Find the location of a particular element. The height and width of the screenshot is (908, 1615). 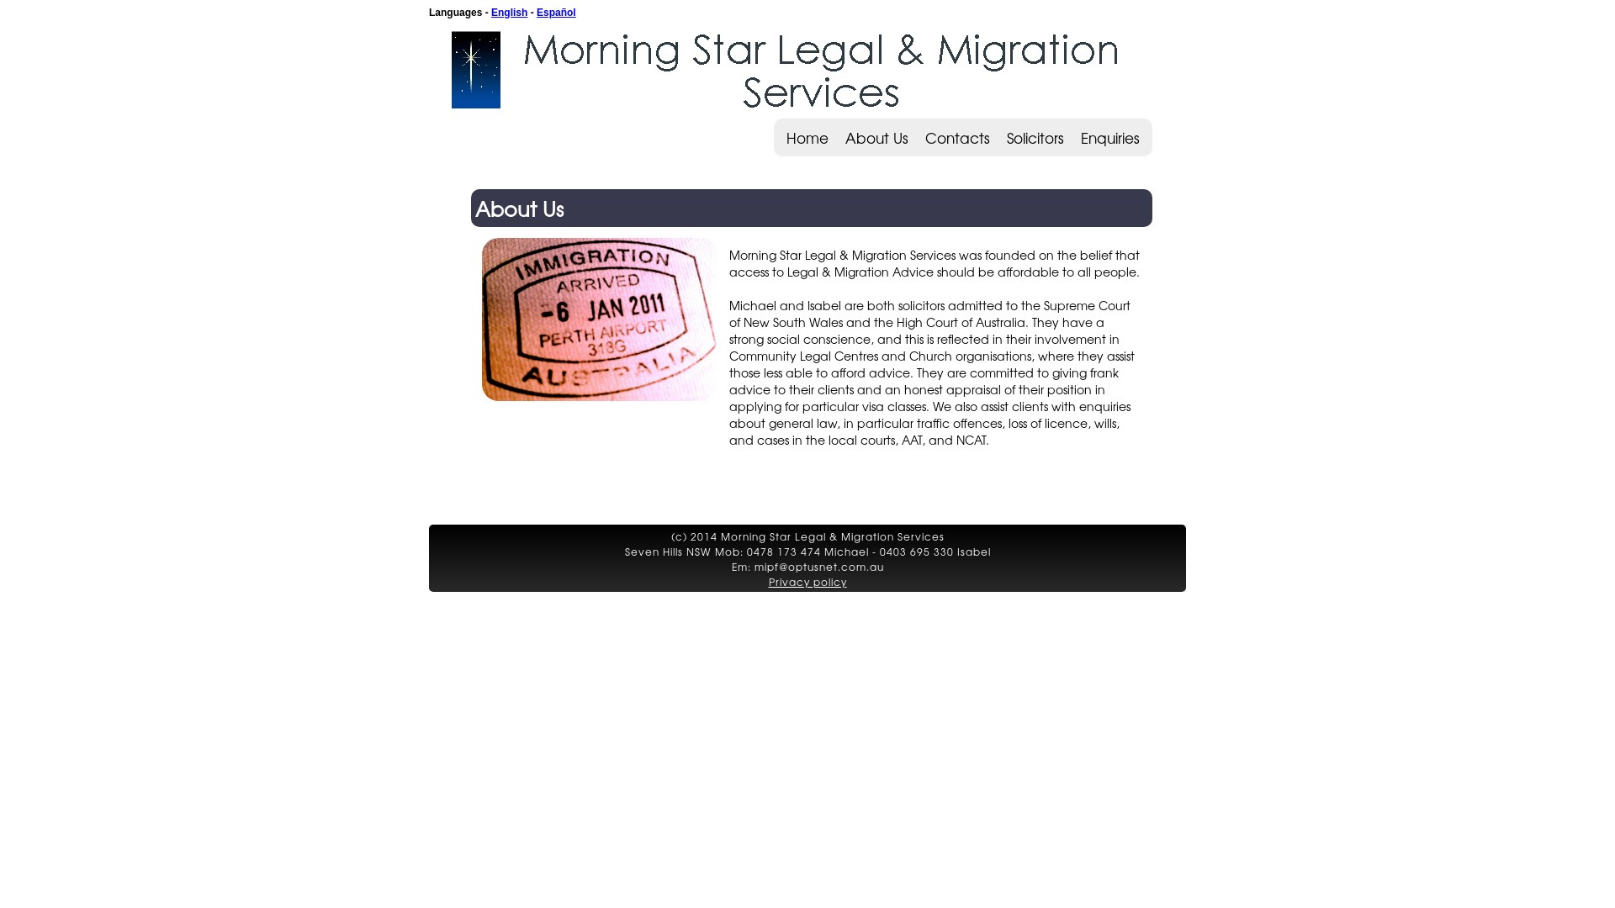

'Solicitors' is located at coordinates (998, 136).